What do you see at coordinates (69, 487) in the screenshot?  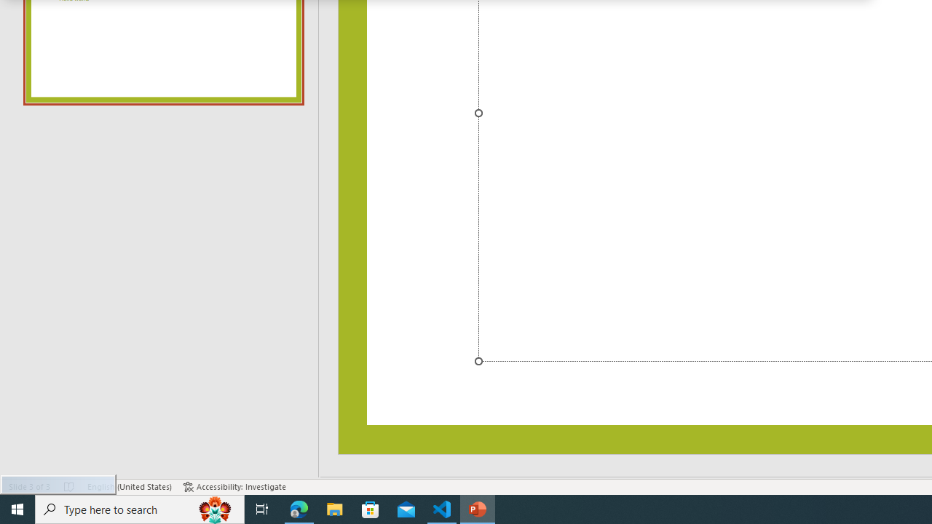 I see `'Spell Check No Errors'` at bounding box center [69, 487].